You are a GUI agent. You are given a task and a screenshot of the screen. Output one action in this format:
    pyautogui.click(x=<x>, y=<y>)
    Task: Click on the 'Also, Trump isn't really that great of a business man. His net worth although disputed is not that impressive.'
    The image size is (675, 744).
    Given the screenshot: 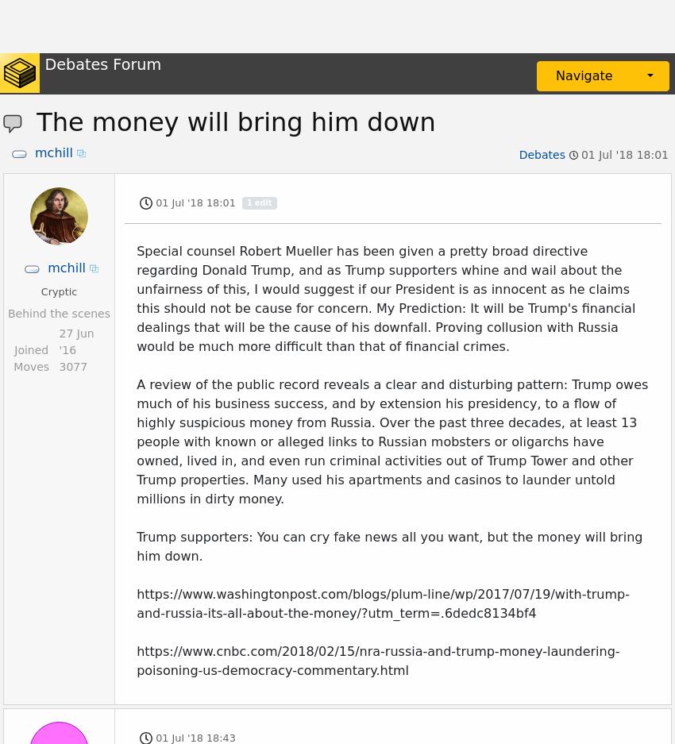 What is the action you would take?
    pyautogui.click(x=379, y=461)
    